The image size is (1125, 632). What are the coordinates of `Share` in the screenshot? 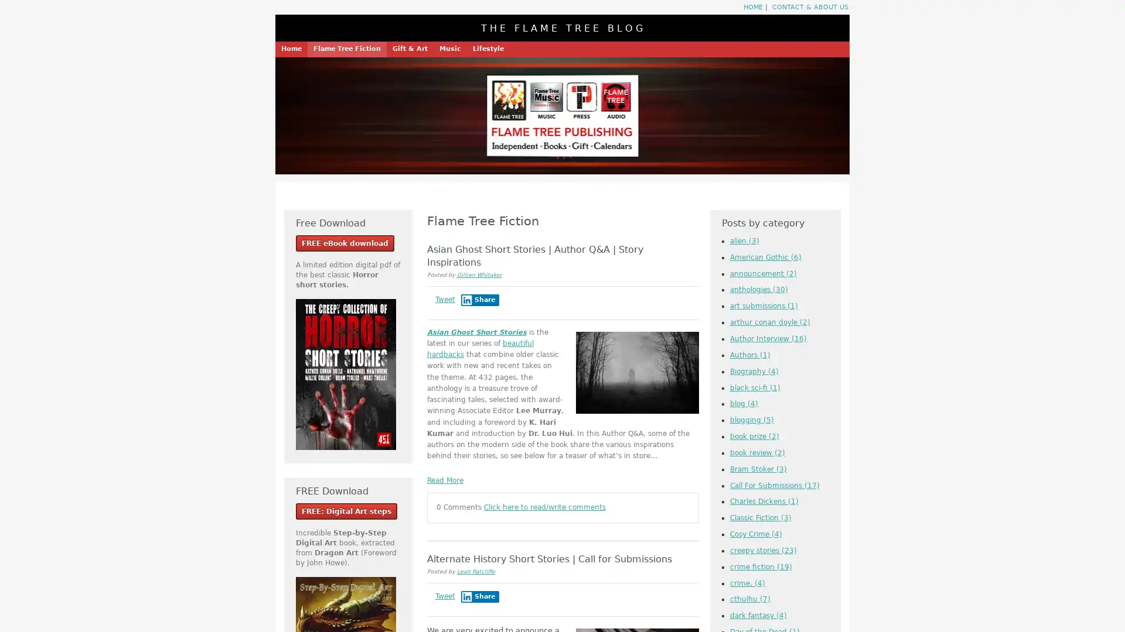 It's located at (503, 300).